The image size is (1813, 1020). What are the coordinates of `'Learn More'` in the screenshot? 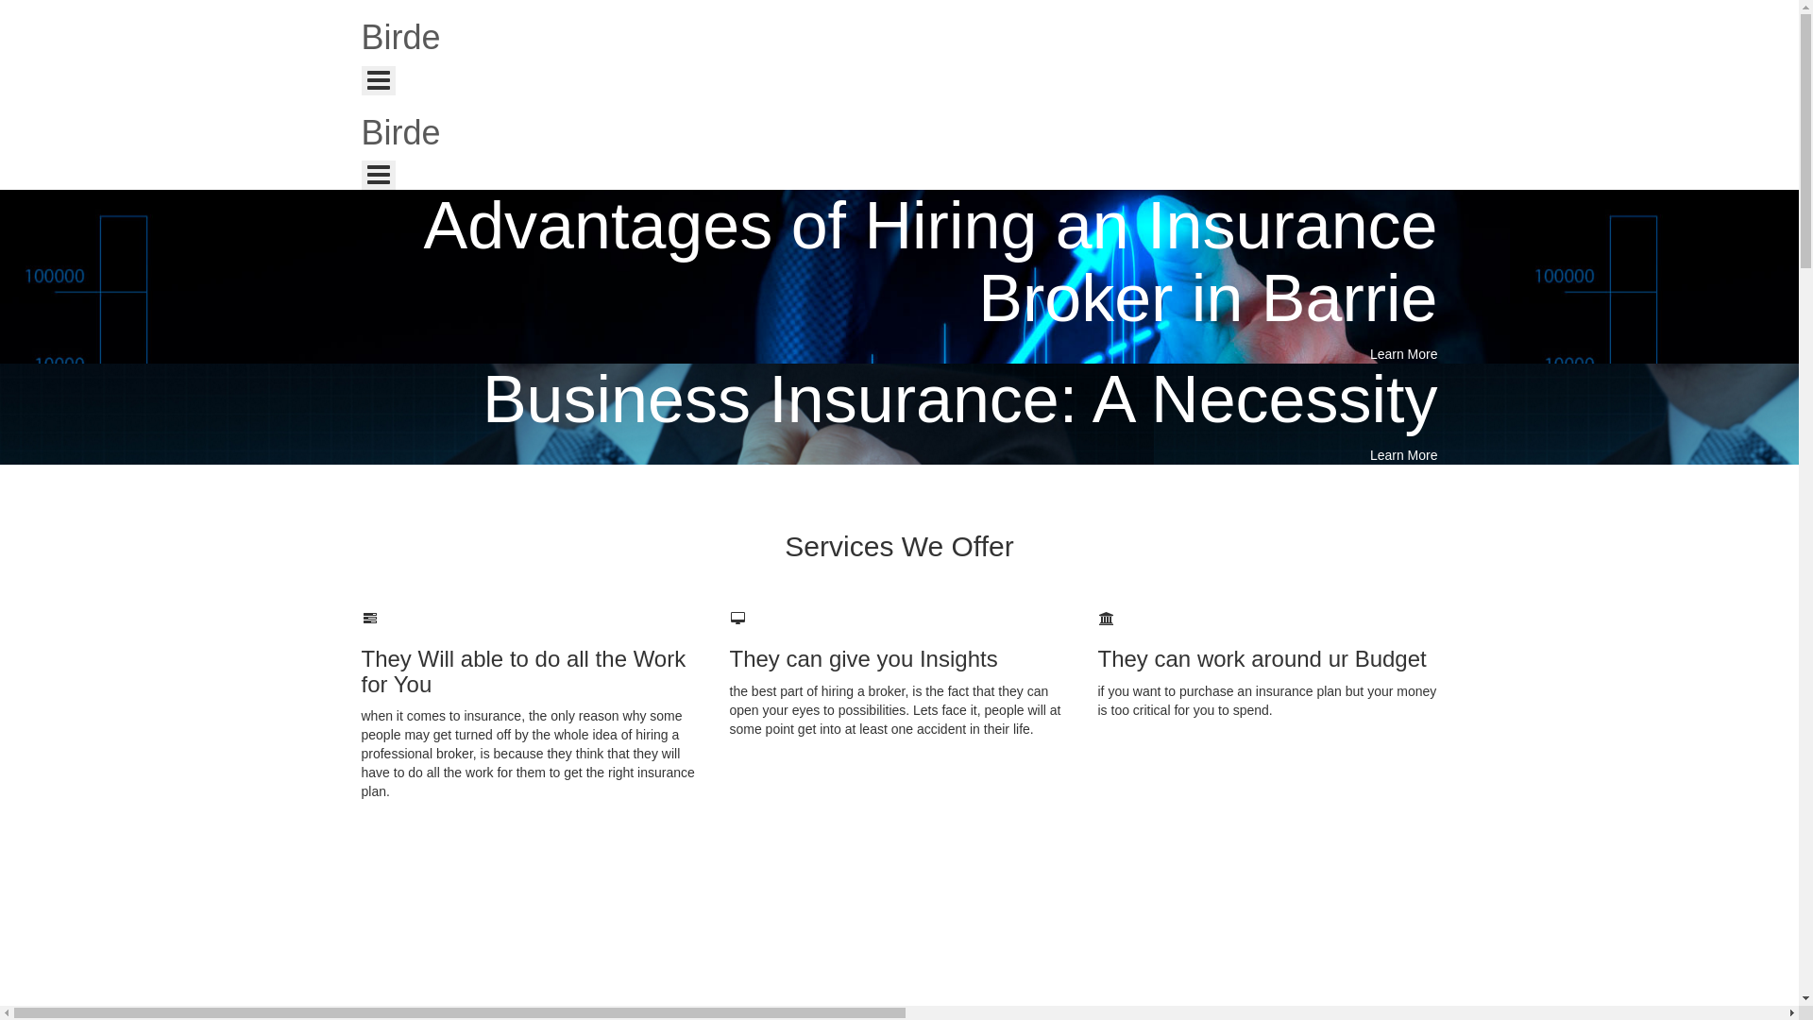 It's located at (1404, 353).